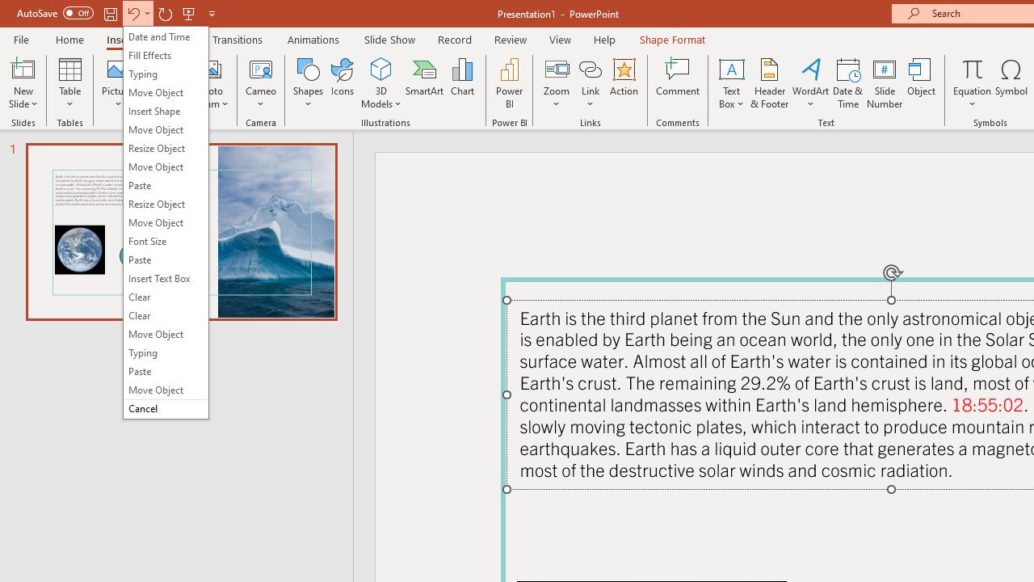 This screenshot has height=582, width=1034. I want to click on 'View', so click(560, 39).